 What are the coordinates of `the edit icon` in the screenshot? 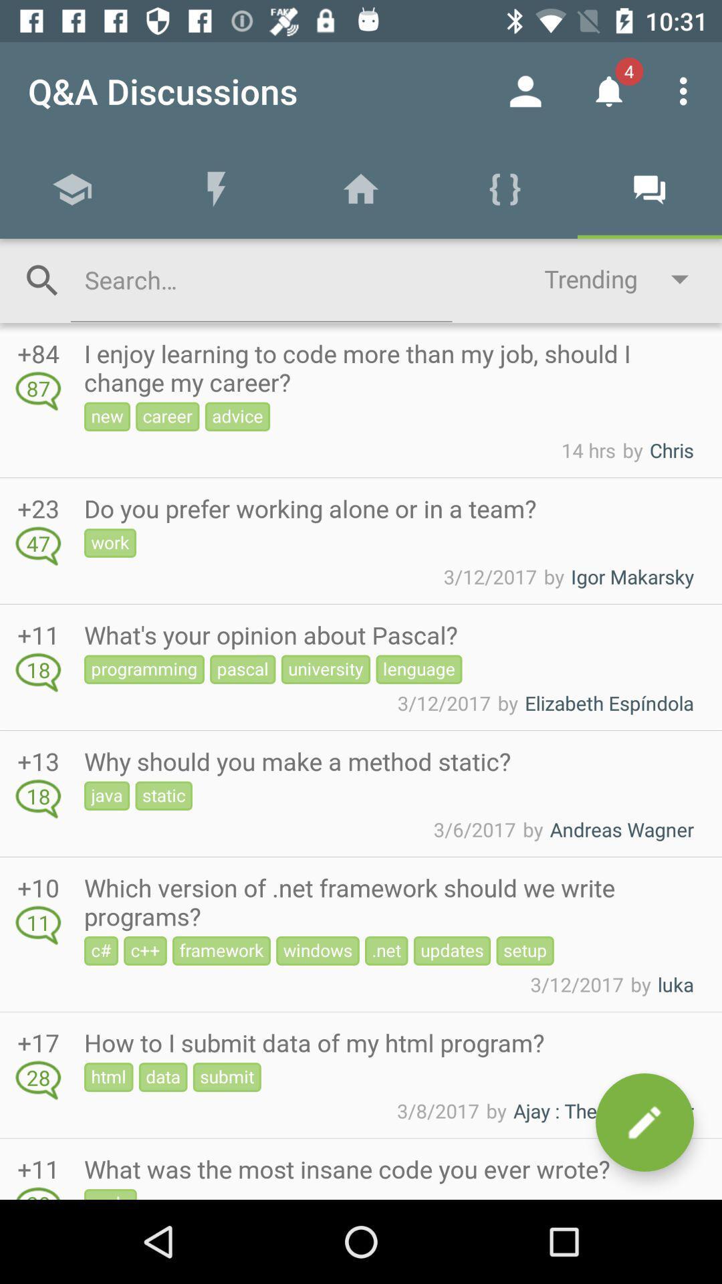 It's located at (644, 1122).